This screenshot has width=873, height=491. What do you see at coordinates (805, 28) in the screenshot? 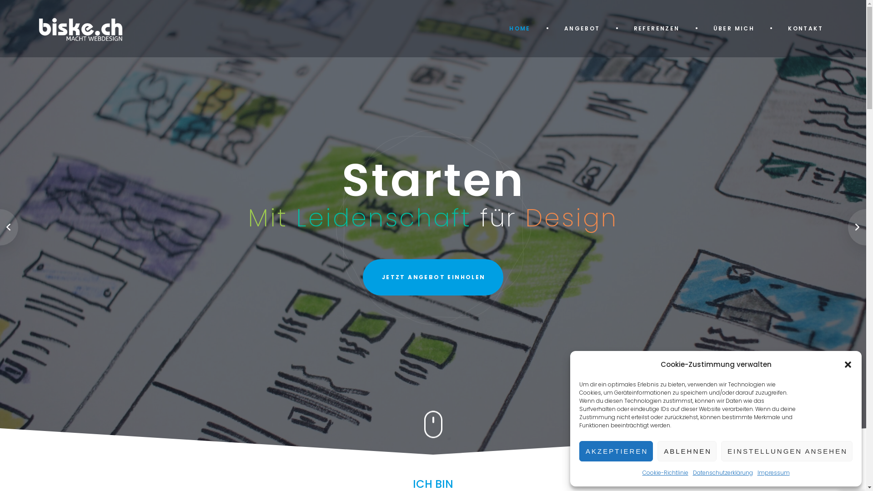
I see `'KONTAKT'` at bounding box center [805, 28].